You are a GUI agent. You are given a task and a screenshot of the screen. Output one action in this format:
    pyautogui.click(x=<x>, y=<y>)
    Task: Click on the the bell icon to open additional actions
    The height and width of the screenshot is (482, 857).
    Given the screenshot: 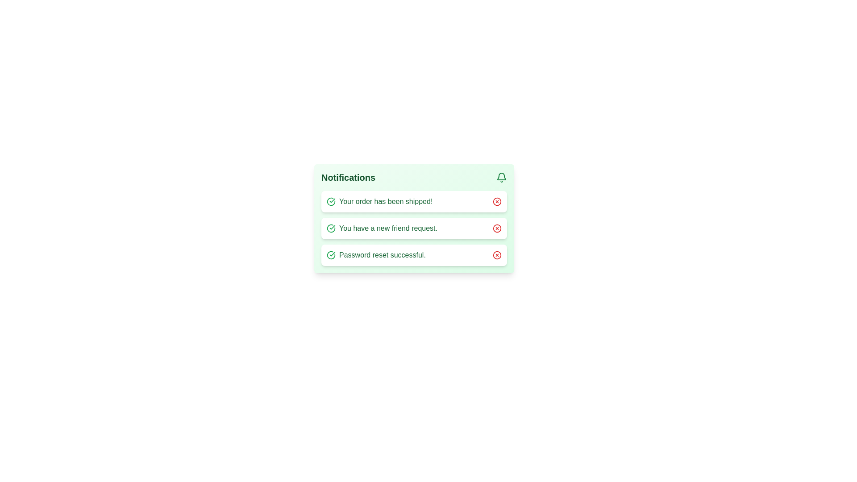 What is the action you would take?
    pyautogui.click(x=501, y=177)
    